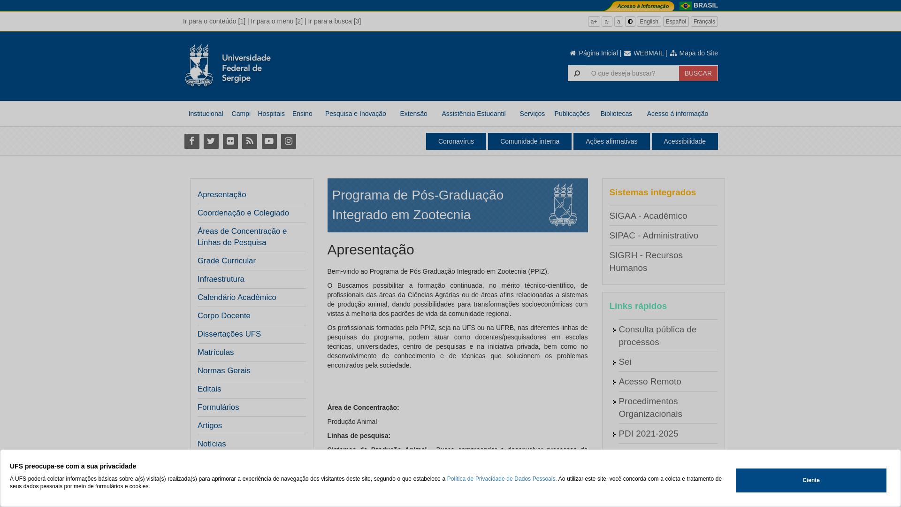 Image resolution: width=901 pixels, height=507 pixels. What do you see at coordinates (241, 113) in the screenshot?
I see `'Campi'` at bounding box center [241, 113].